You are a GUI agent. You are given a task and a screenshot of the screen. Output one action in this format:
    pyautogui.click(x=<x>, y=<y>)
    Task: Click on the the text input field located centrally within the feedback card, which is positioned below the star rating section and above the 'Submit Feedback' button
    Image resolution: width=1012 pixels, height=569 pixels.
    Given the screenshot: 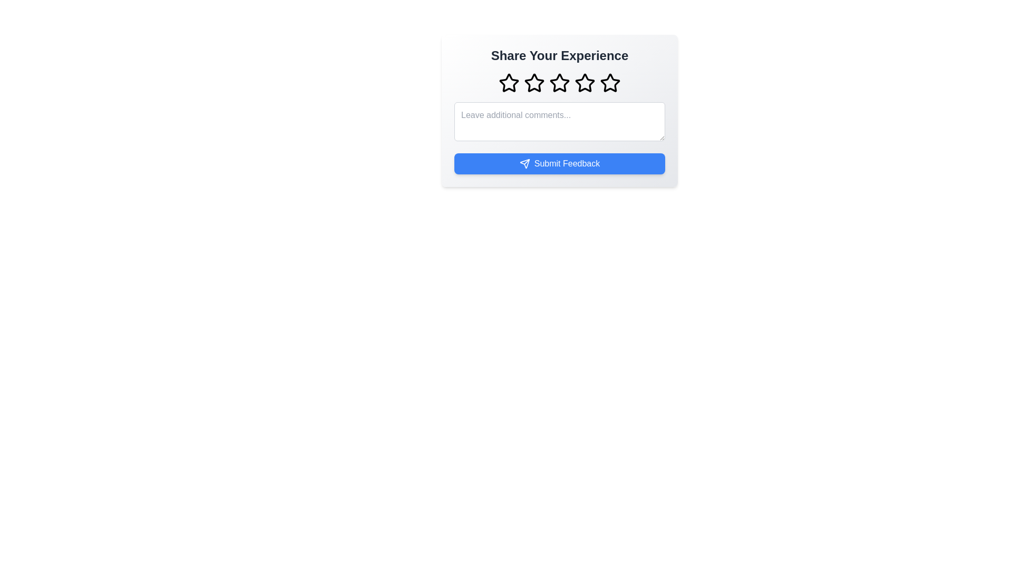 What is the action you would take?
    pyautogui.click(x=559, y=111)
    